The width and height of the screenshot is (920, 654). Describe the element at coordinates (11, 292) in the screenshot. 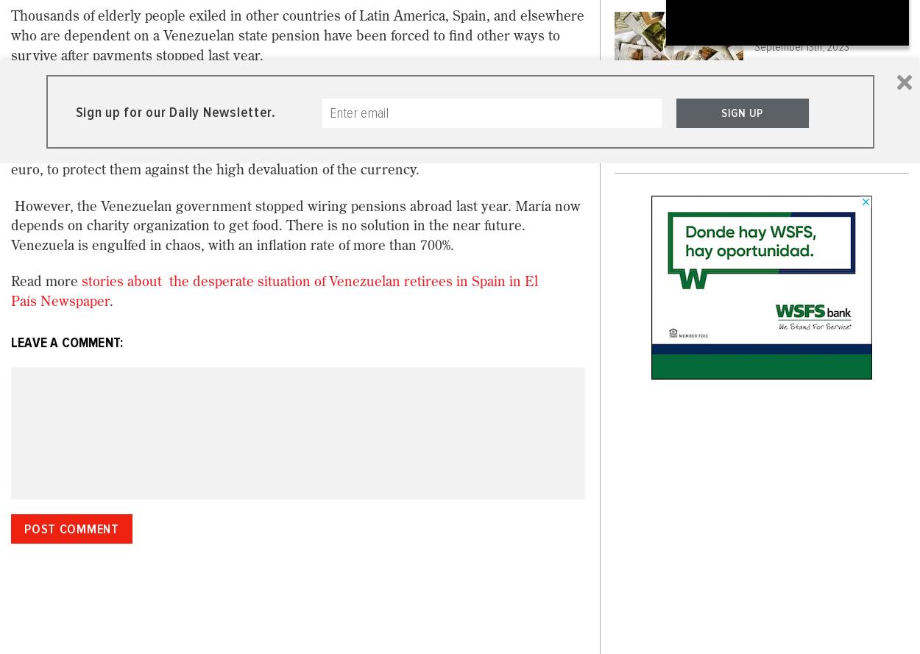

I see `'stories about  the desperate situation of Venezuelan retirees in Spain in El País Newspaper'` at that location.